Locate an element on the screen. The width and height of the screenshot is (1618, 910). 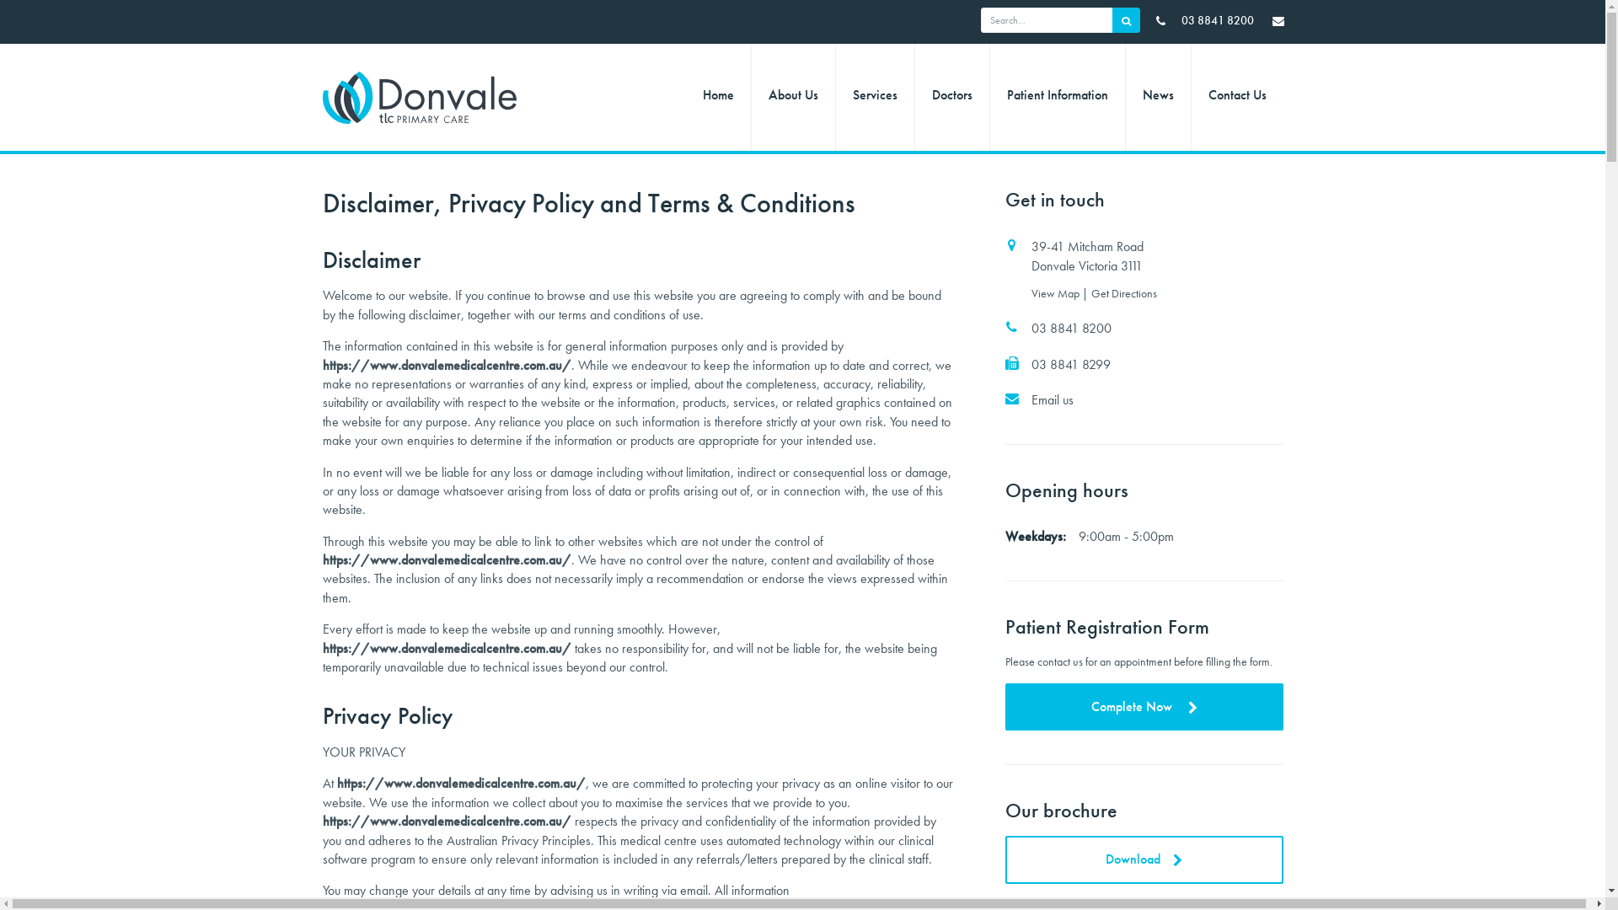
'About Us' is located at coordinates (792, 97).